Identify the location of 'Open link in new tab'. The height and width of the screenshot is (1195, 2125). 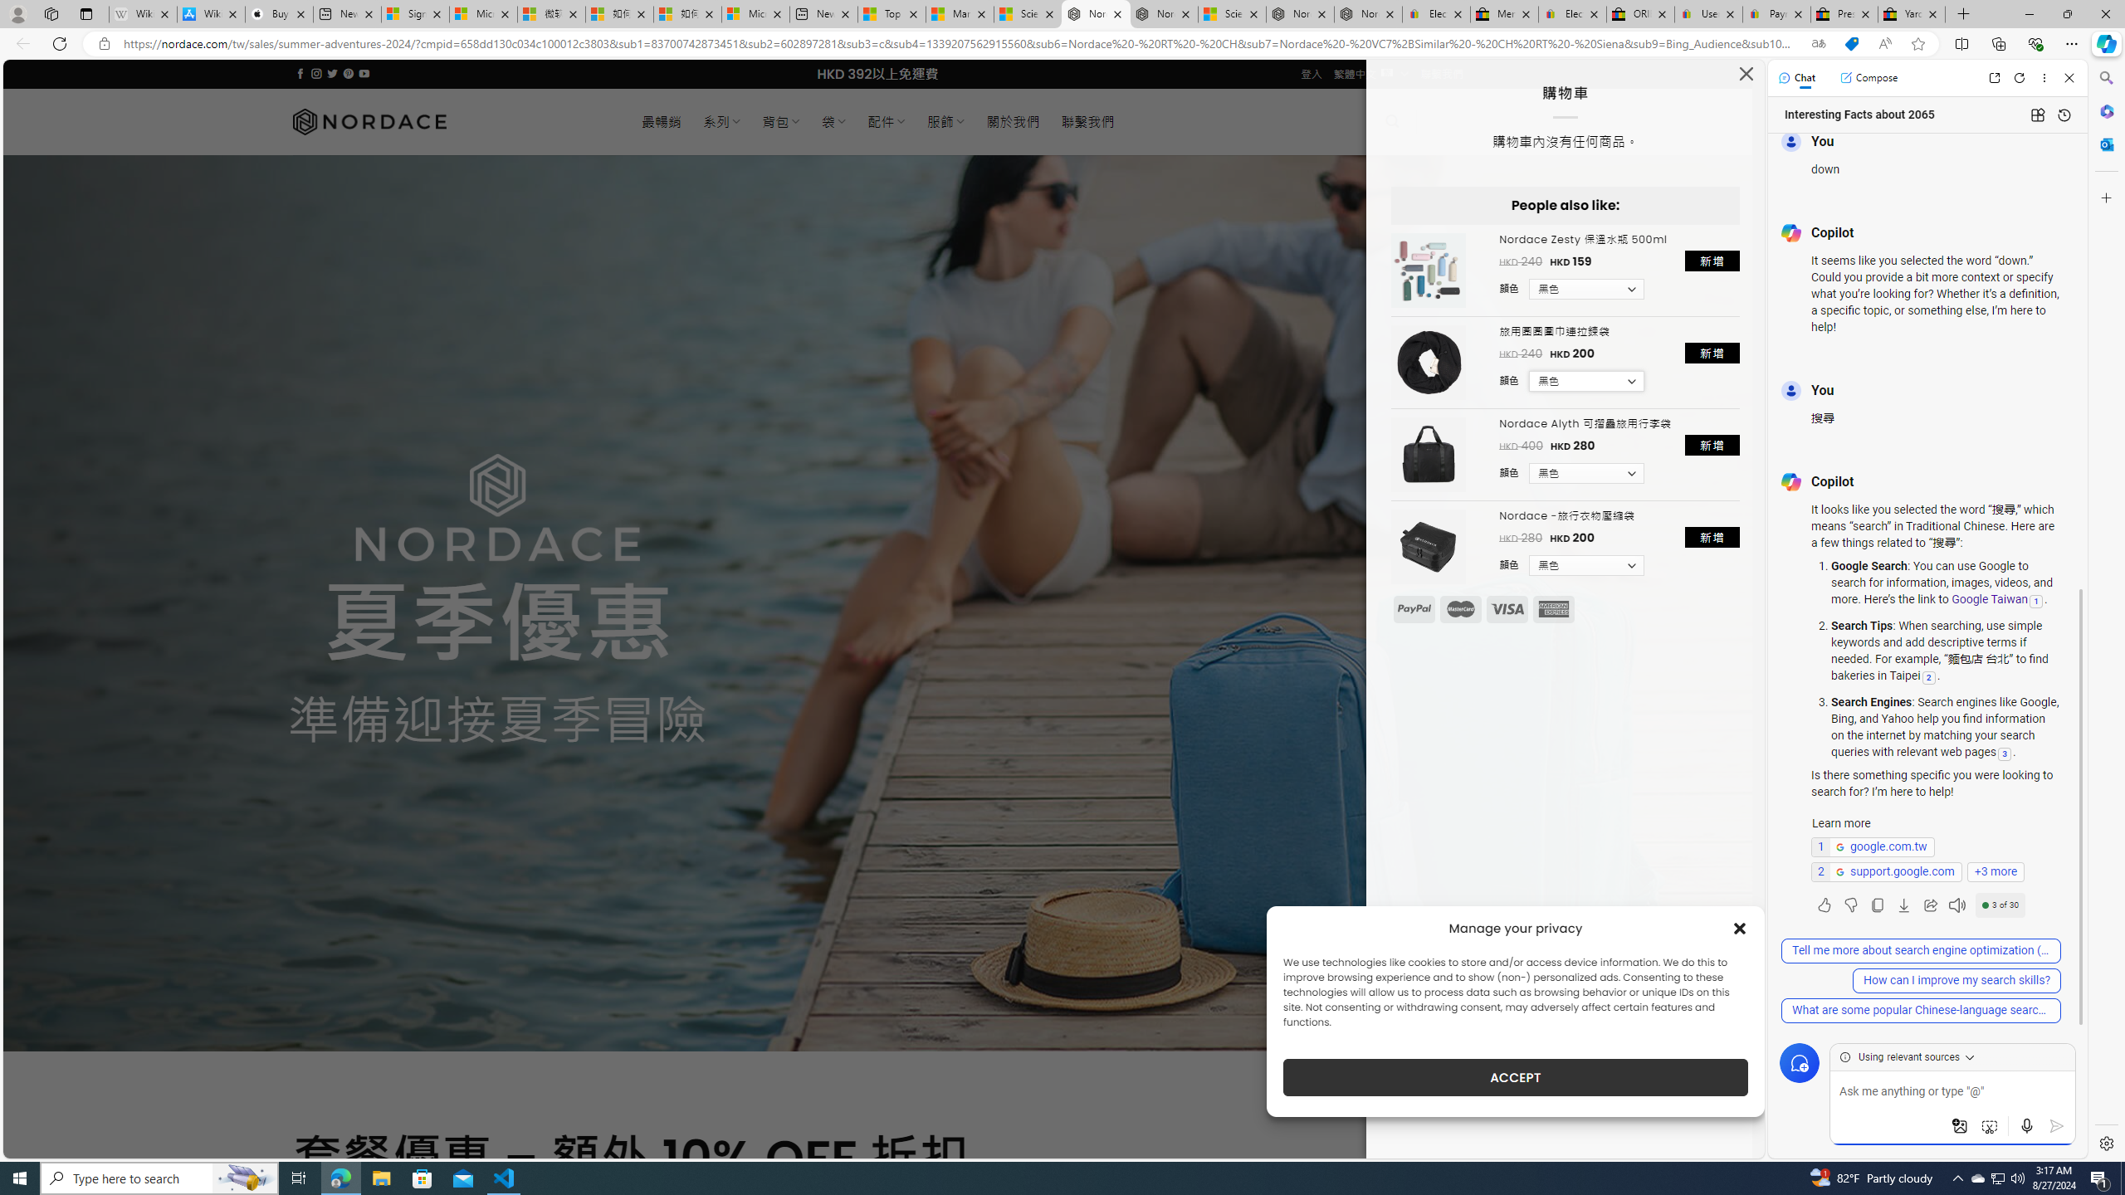
(1993, 77).